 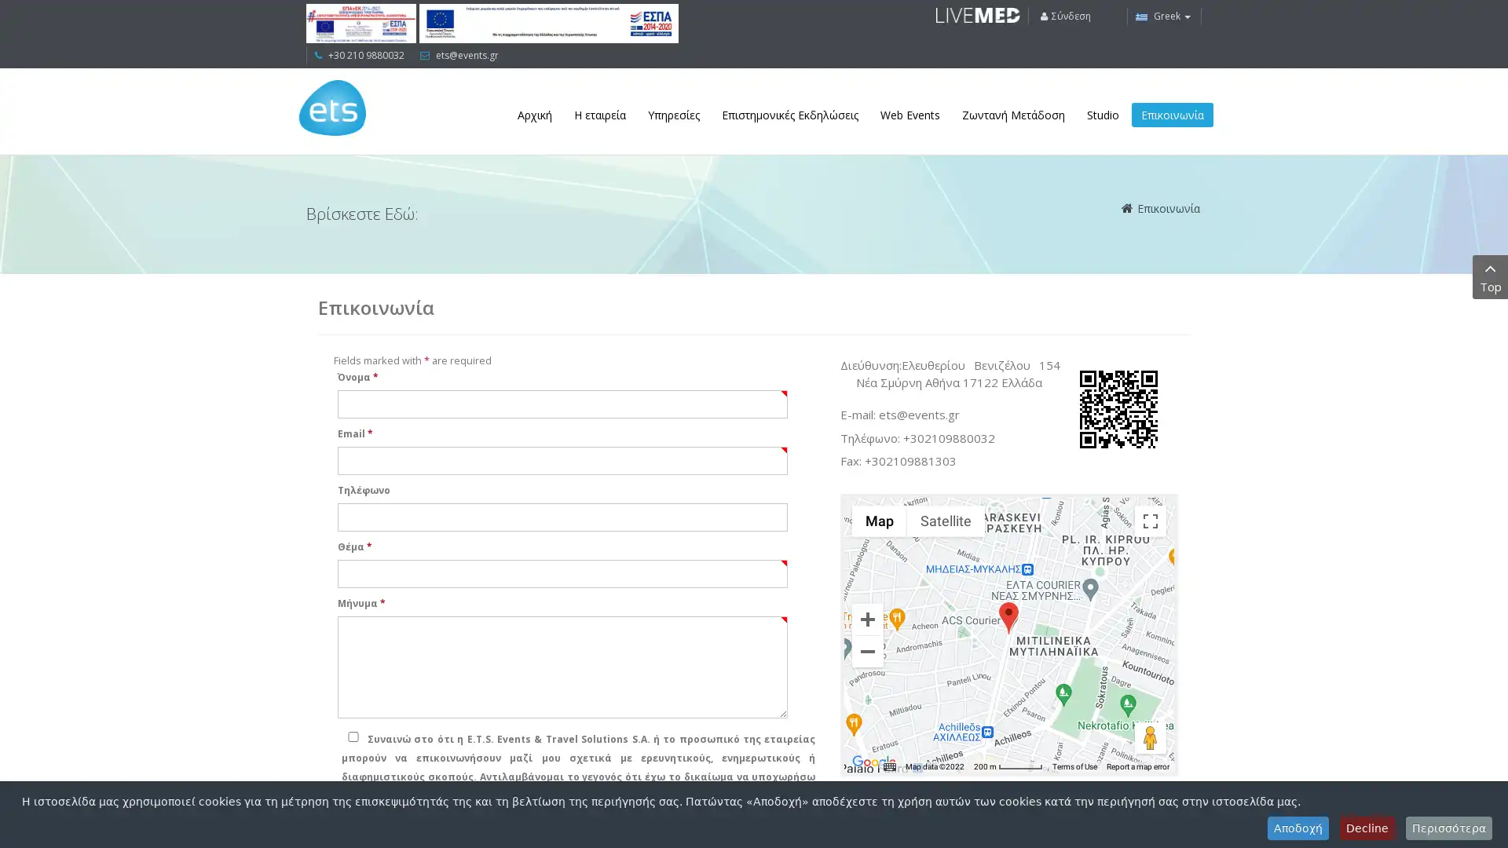 I want to click on Keyboard shortcuts, so click(x=889, y=765).